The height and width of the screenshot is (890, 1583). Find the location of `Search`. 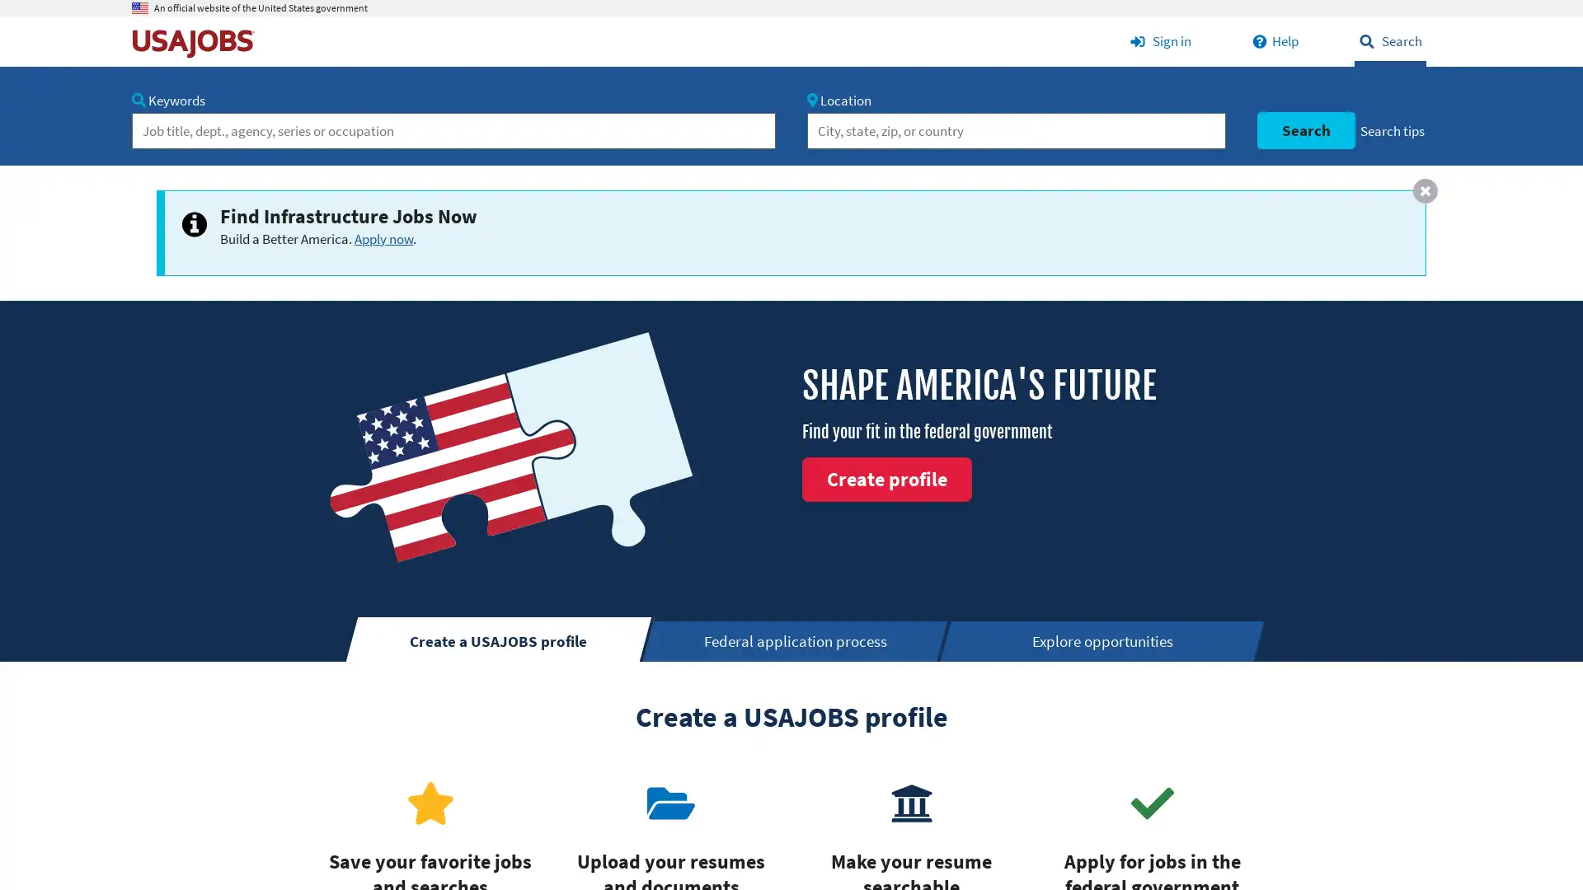

Search is located at coordinates (1304, 129).